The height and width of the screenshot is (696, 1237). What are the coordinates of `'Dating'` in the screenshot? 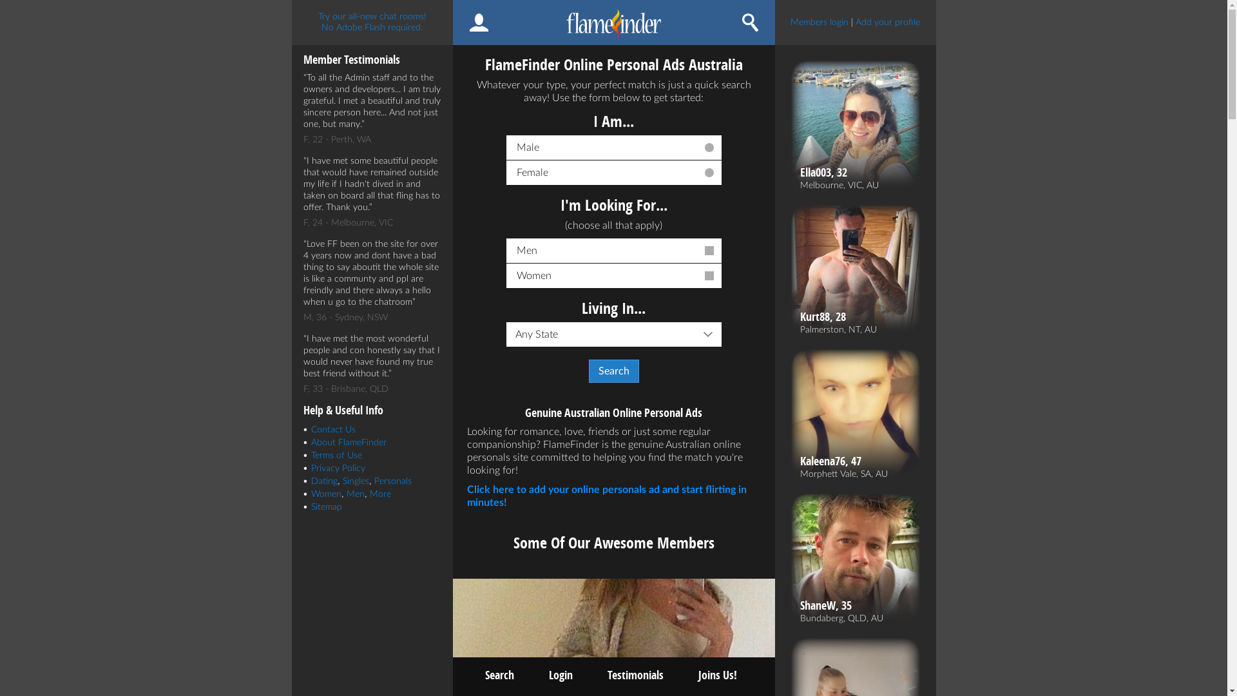 It's located at (323, 481).